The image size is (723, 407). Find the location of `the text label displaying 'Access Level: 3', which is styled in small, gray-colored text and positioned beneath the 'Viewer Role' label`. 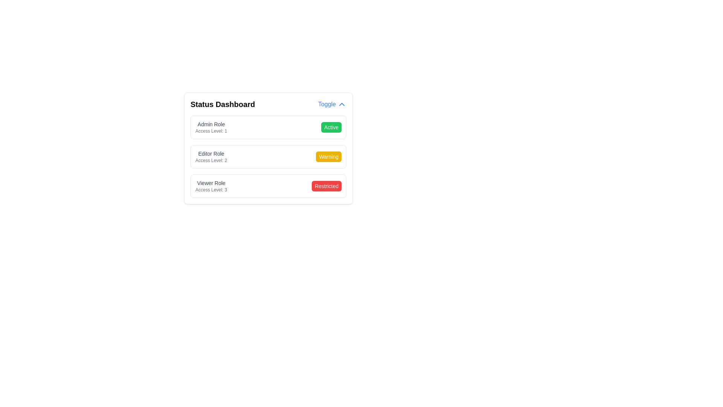

the text label displaying 'Access Level: 3', which is styled in small, gray-colored text and positioned beneath the 'Viewer Role' label is located at coordinates (211, 190).